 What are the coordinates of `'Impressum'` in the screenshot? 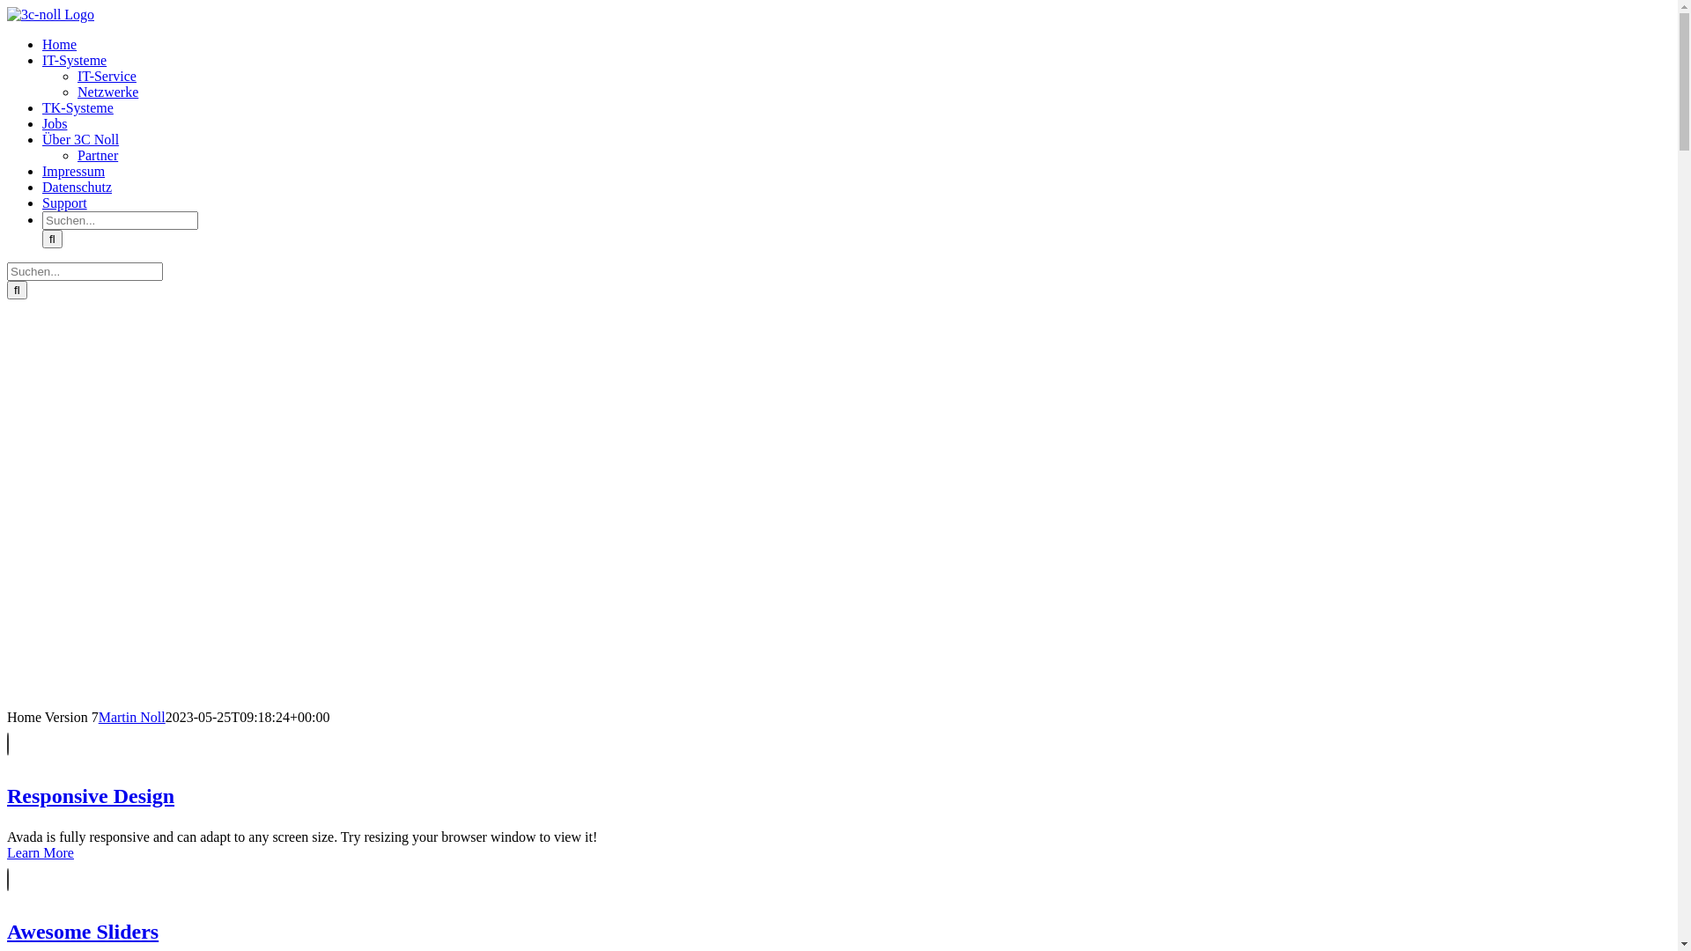 It's located at (72, 171).